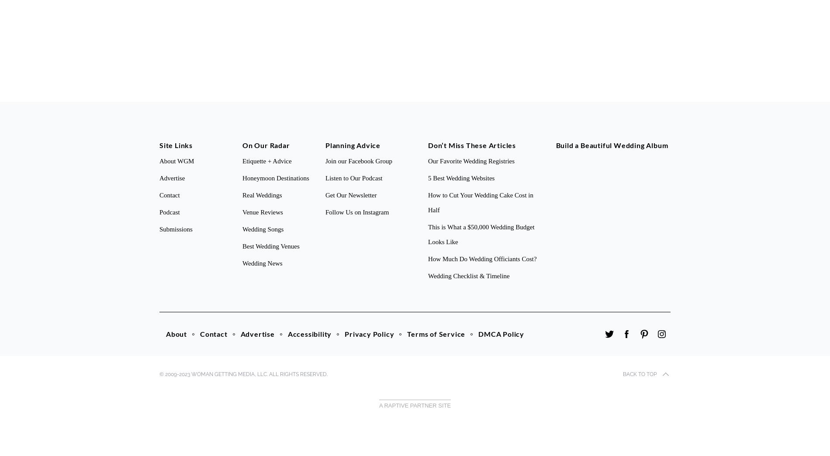  What do you see at coordinates (242, 195) in the screenshot?
I see `'Real Weddings'` at bounding box center [242, 195].